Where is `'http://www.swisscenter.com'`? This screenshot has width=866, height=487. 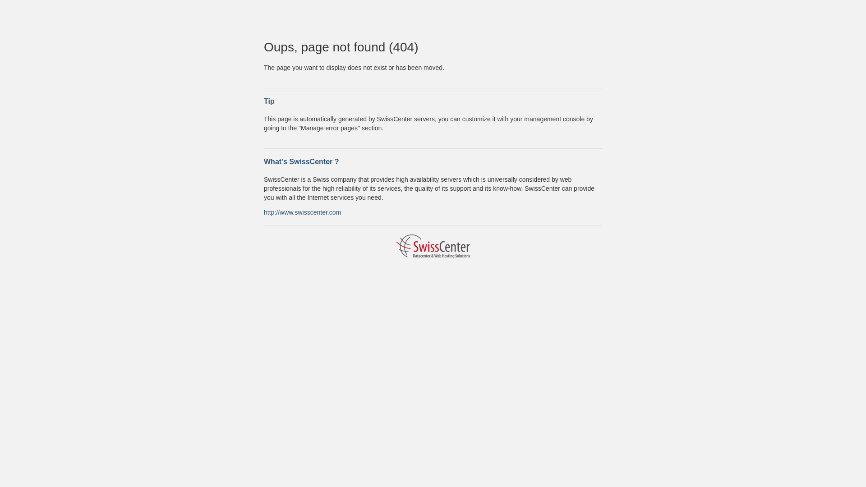 'http://www.swisscenter.com' is located at coordinates (302, 212).